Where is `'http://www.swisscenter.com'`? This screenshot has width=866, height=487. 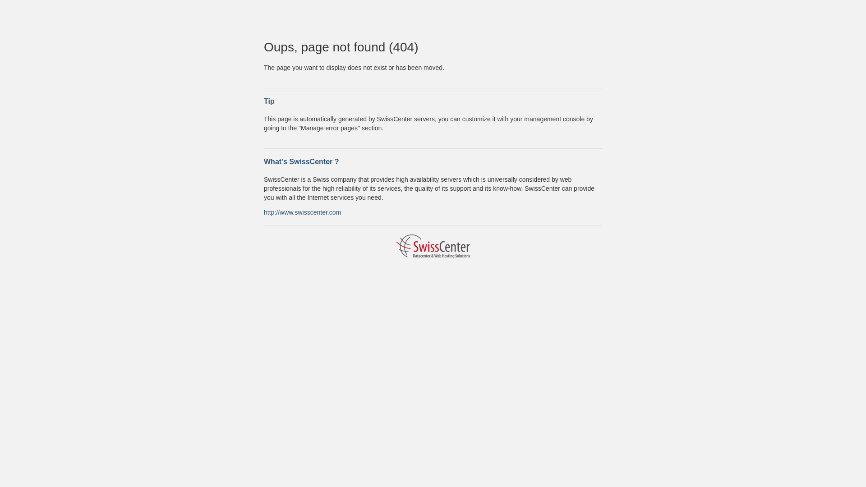 'http://www.swisscenter.com' is located at coordinates (302, 212).